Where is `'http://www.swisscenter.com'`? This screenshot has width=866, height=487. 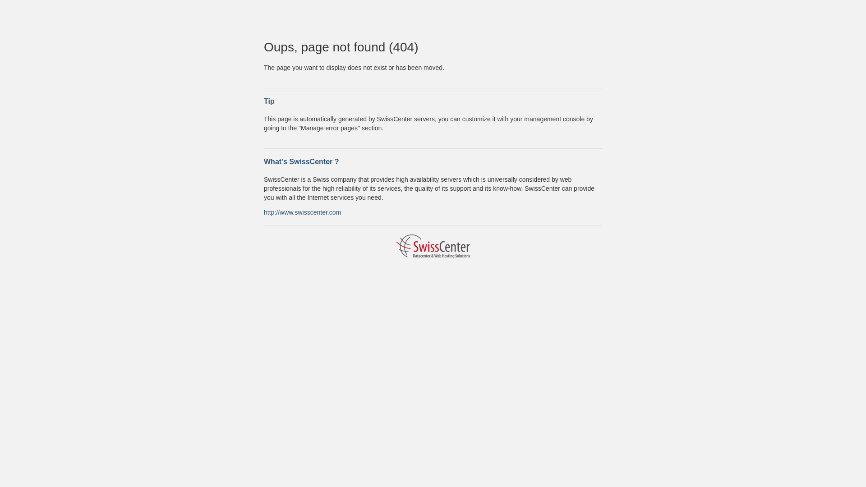 'http://www.swisscenter.com' is located at coordinates (302, 212).